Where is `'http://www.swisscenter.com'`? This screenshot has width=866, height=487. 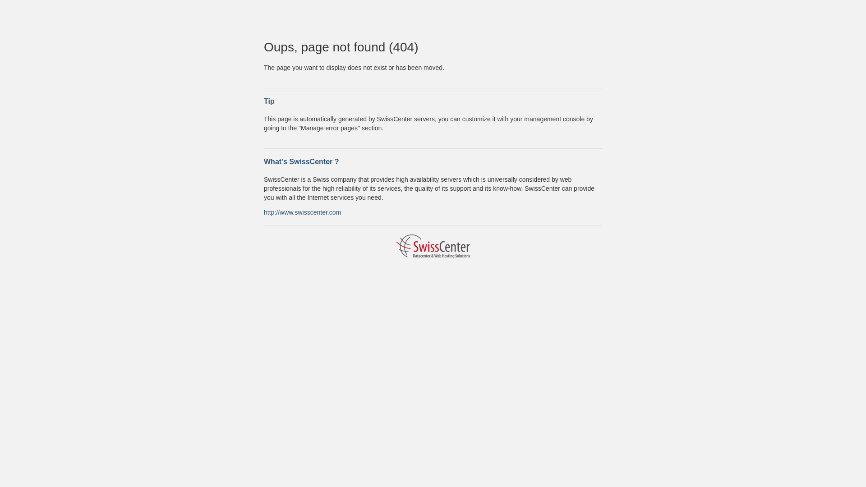 'http://www.swisscenter.com' is located at coordinates (302, 212).